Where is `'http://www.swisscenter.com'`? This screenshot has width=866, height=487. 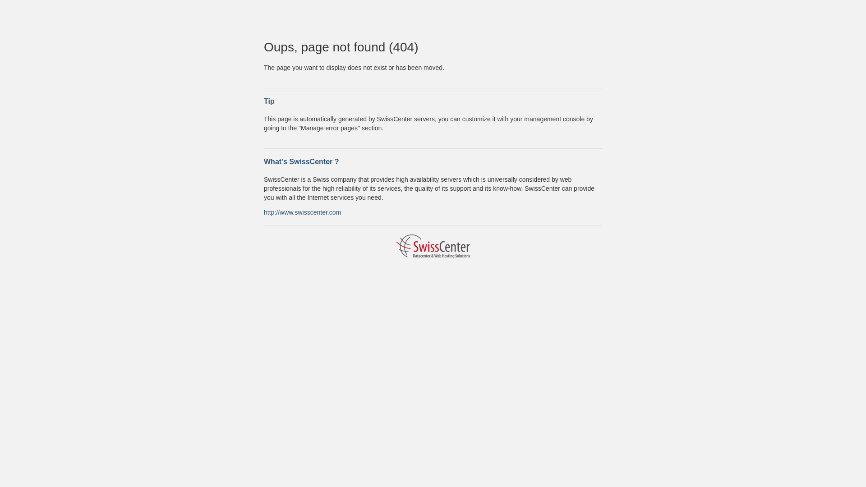 'http://www.swisscenter.com' is located at coordinates (302, 212).